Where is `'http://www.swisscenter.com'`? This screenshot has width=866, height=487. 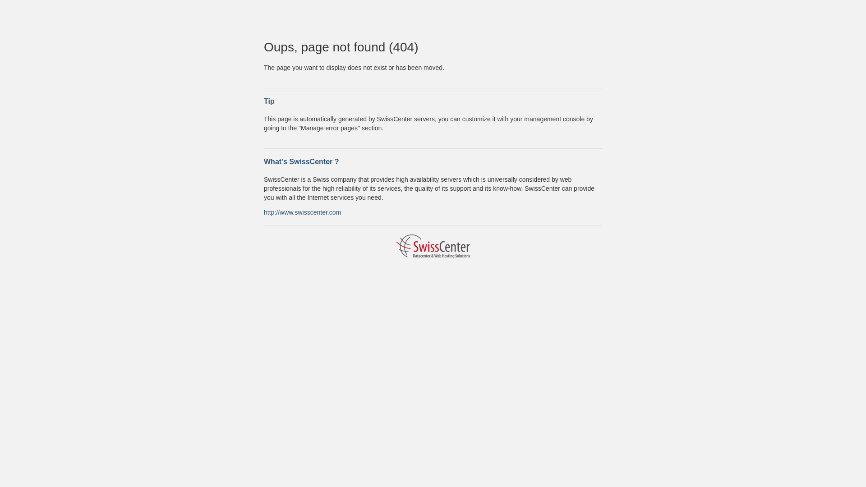 'http://www.swisscenter.com' is located at coordinates (302, 212).